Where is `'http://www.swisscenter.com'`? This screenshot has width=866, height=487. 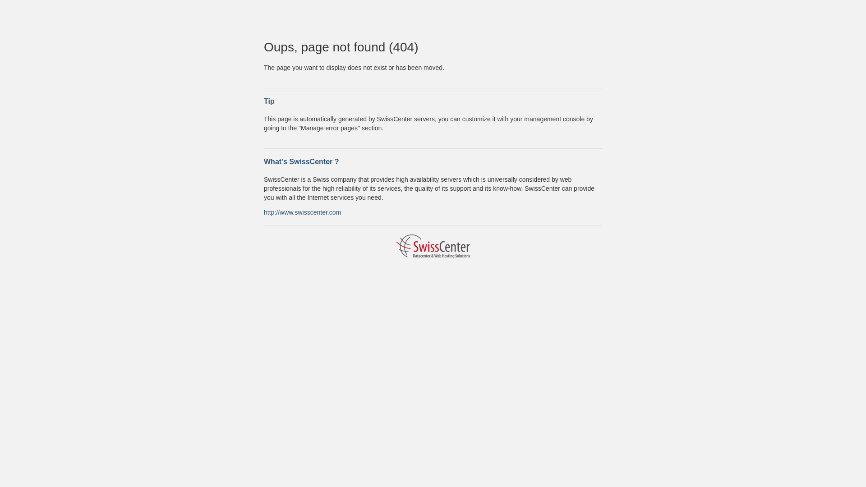 'http://www.swisscenter.com' is located at coordinates (302, 212).